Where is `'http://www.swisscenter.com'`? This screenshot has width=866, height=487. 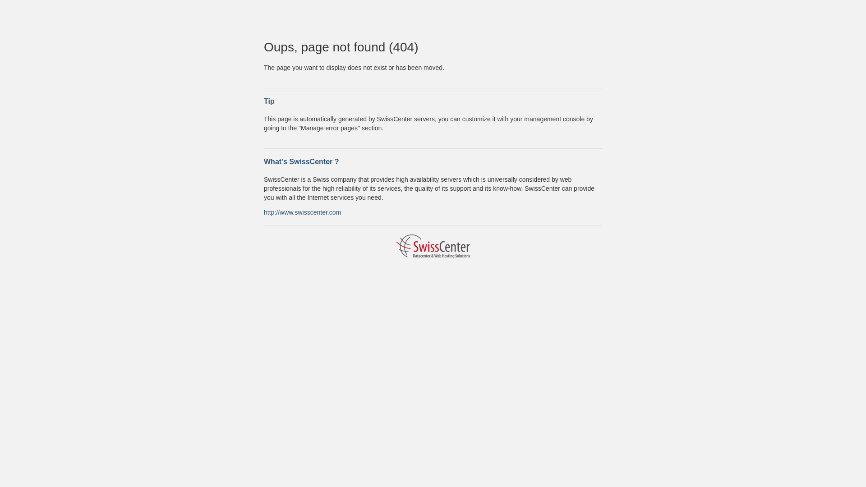 'http://www.swisscenter.com' is located at coordinates (302, 212).